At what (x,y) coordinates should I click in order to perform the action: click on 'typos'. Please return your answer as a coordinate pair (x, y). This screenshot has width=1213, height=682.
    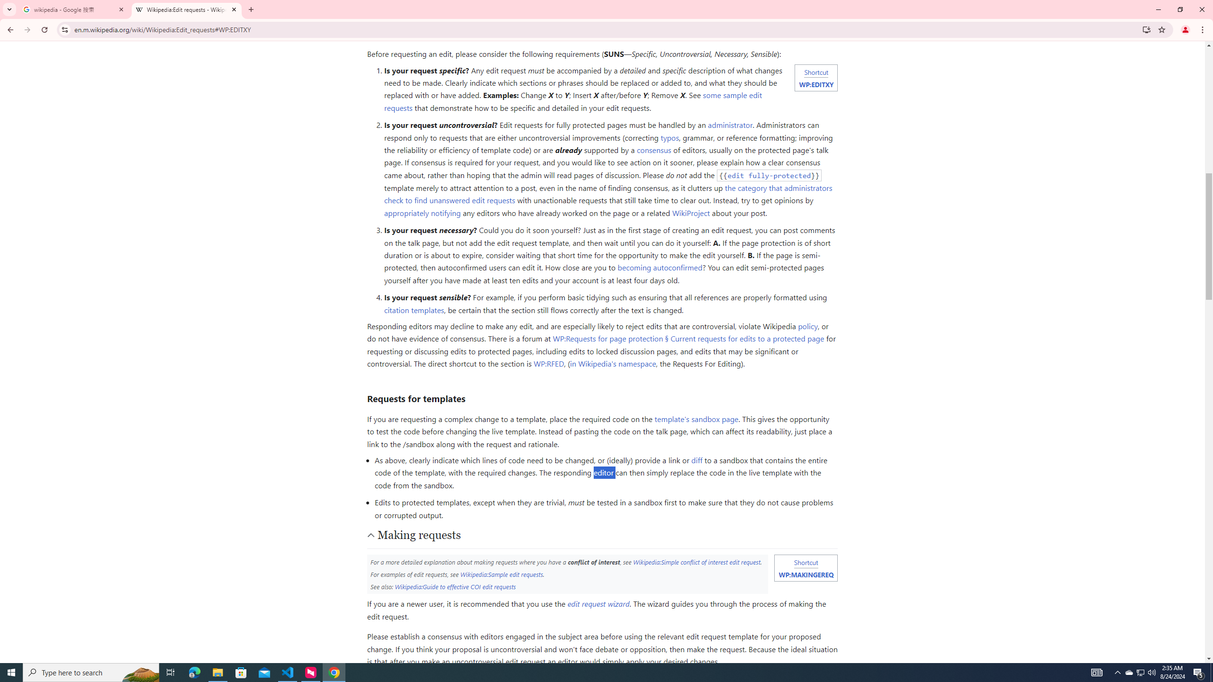
    Looking at the image, I should click on (670, 137).